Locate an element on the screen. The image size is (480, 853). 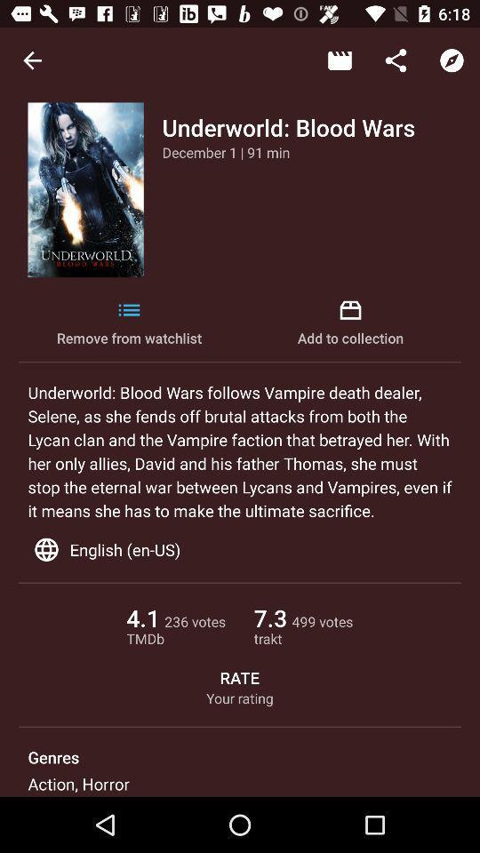
the item to the right of remove from watchlist icon is located at coordinates (350, 323).